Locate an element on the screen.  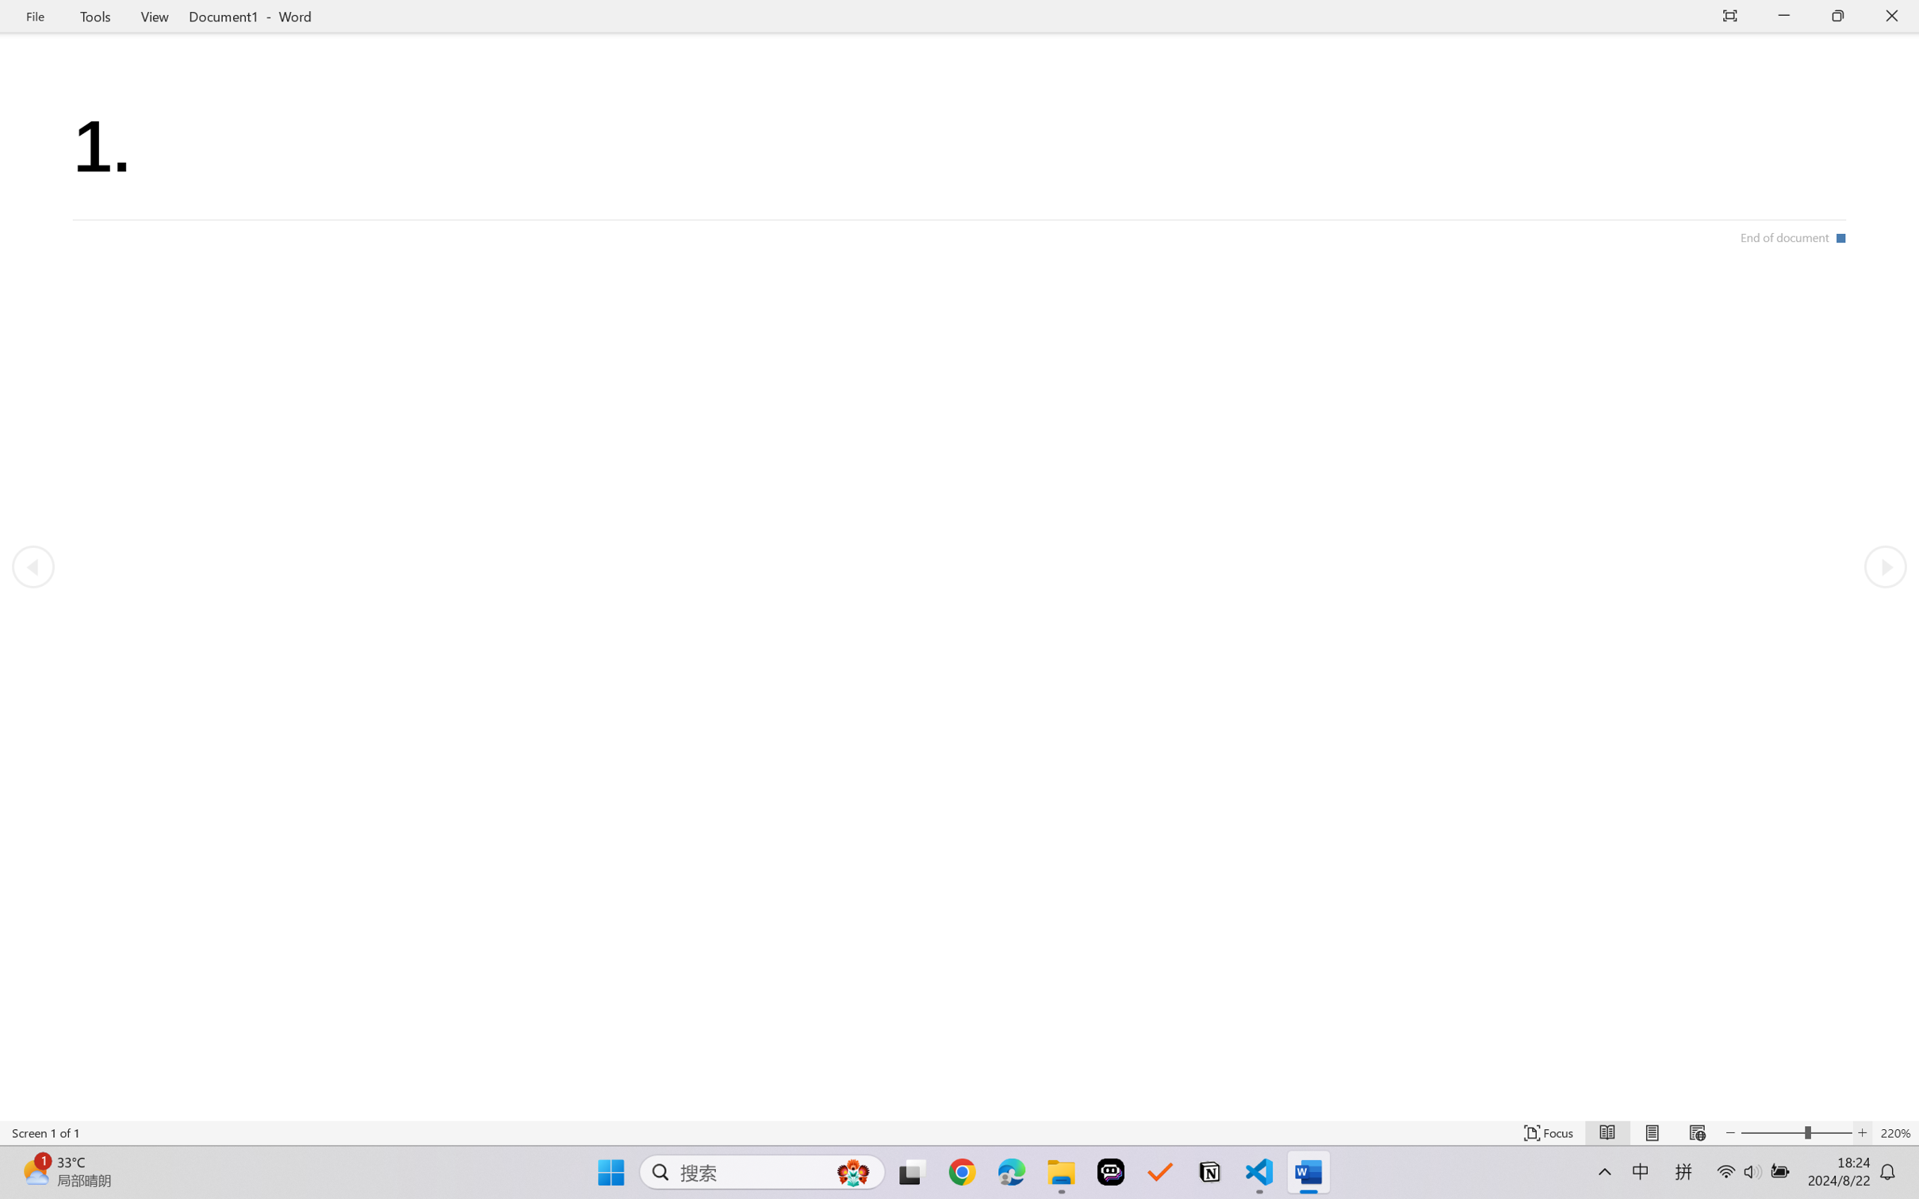
'Tools' is located at coordinates (96, 16).